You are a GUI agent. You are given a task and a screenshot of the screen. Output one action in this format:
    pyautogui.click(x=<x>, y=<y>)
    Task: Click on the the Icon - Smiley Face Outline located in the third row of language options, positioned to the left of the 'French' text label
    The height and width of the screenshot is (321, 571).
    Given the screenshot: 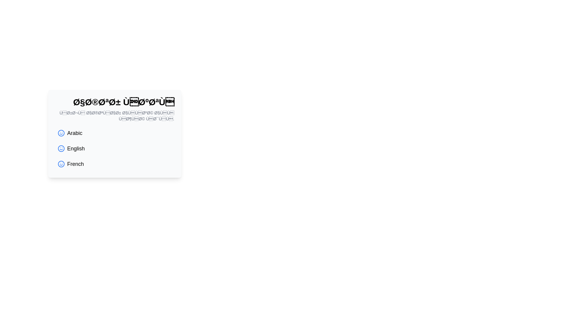 What is the action you would take?
    pyautogui.click(x=61, y=164)
    